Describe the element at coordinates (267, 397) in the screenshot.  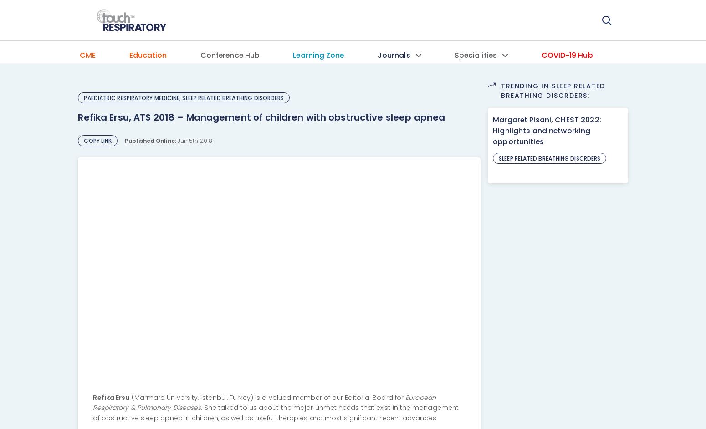
I see `'(Marmara University, Istanbul, Turkey) is a valued member of our Editorial Board for'` at that location.